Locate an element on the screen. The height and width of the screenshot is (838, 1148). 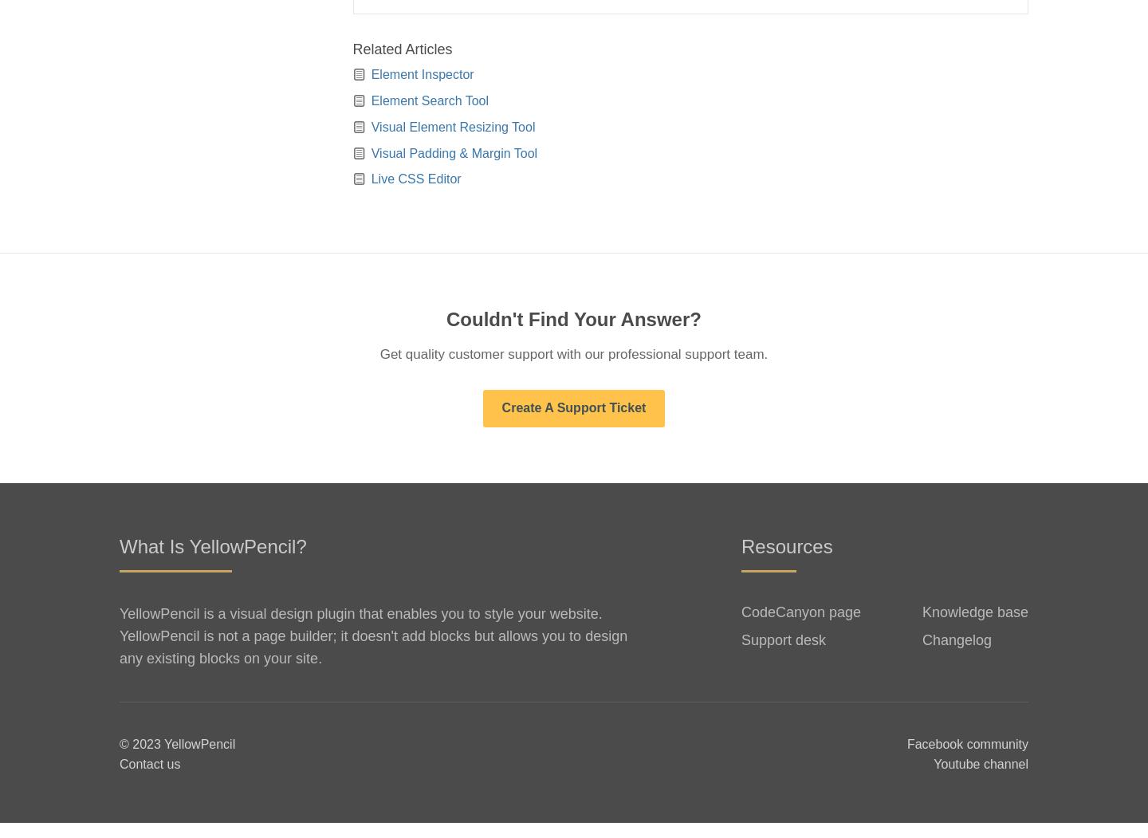
'Create A Support Ticket' is located at coordinates (573, 422).